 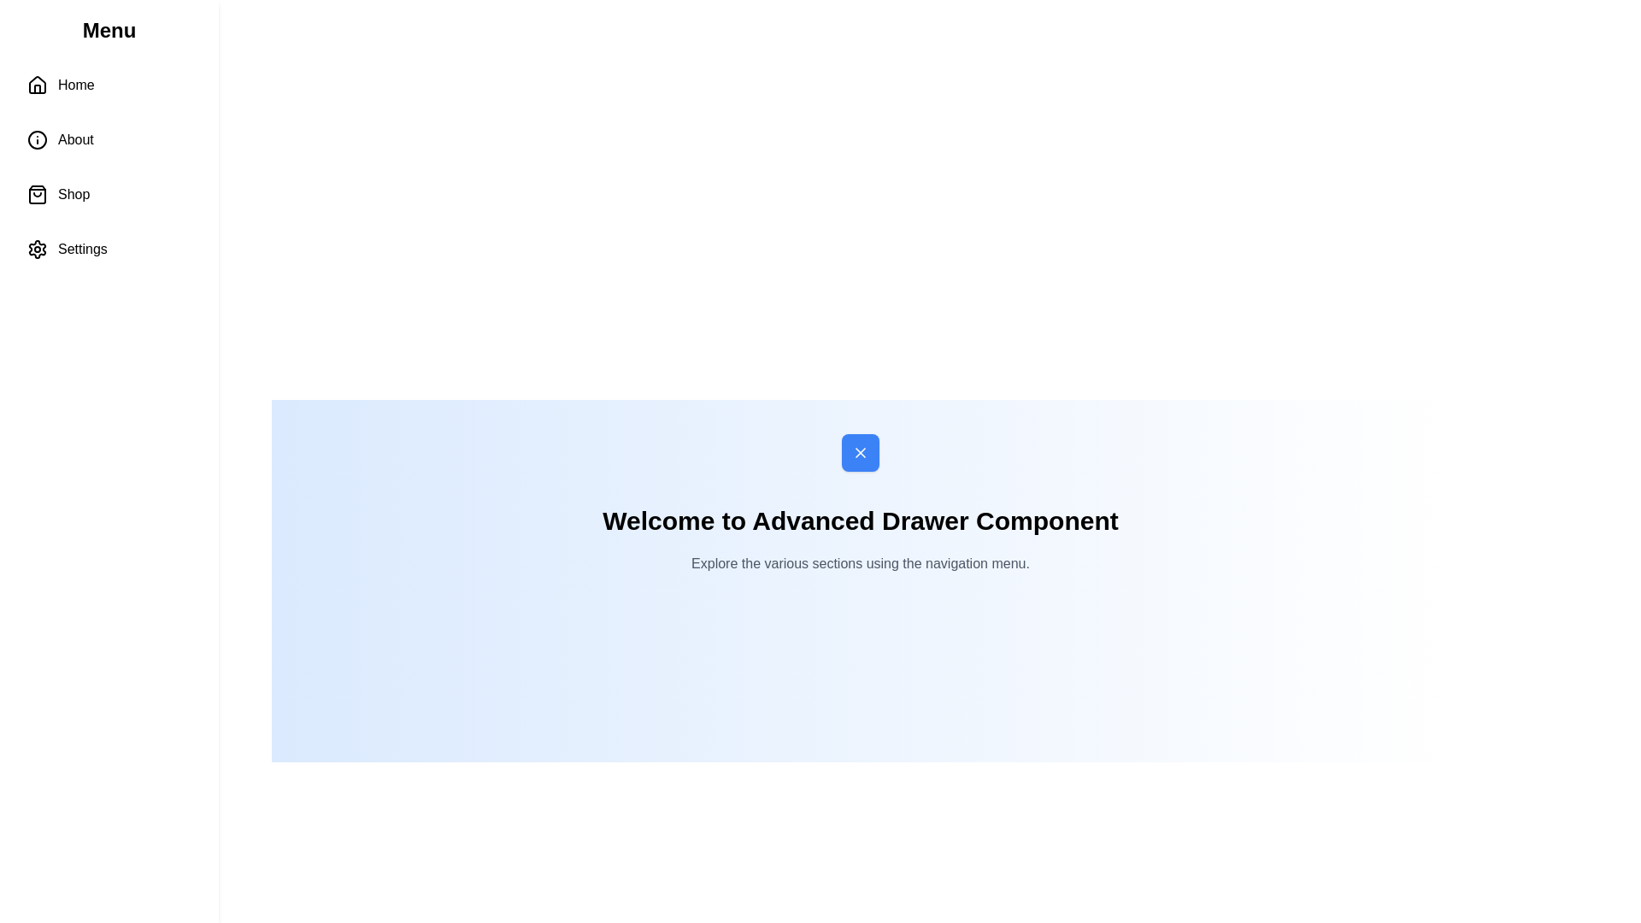 I want to click on SVG Circle Shape that represents the 'About' icon in the vertical menu by clicking on its center, so click(x=37, y=139).